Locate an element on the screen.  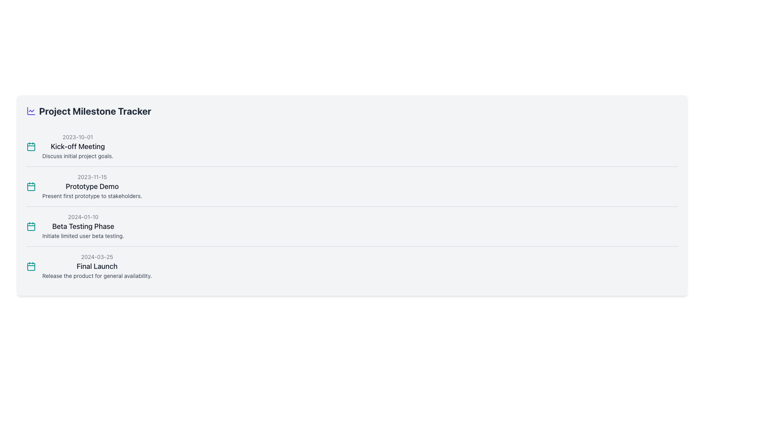
the text label displaying 'Initiate limited user beta testing.' located below the 'Beta Testing Phase' heading and above the milestone labeled '2024-01-10' is located at coordinates (83, 236).